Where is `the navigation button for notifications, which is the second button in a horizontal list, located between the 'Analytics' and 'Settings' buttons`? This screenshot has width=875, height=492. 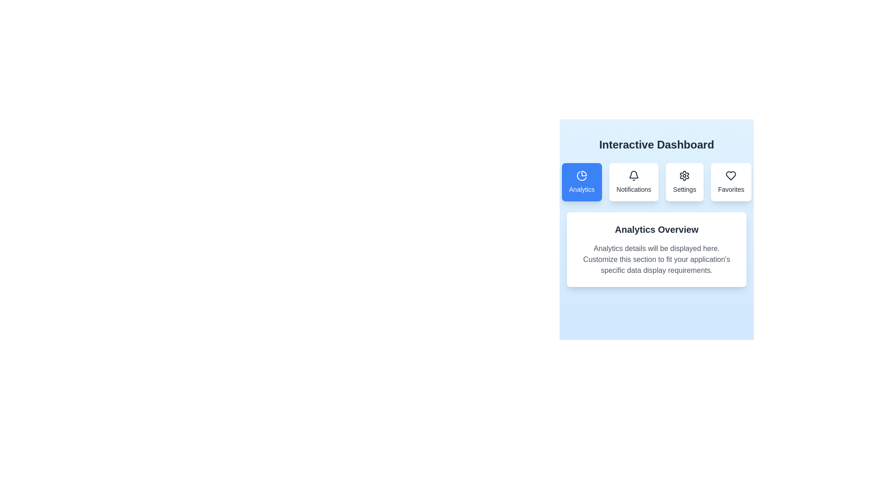
the navigation button for notifications, which is the second button in a horizontal list, located between the 'Analytics' and 'Settings' buttons is located at coordinates (633, 182).